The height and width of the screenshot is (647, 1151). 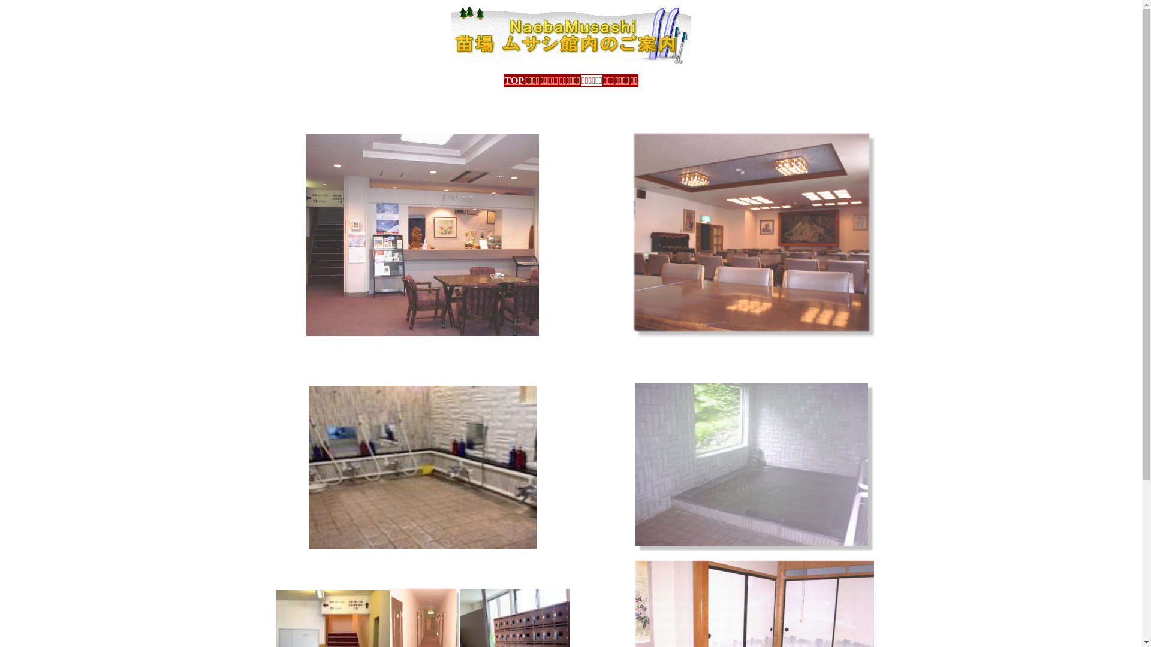 I want to click on 'TOP', so click(x=514, y=80).